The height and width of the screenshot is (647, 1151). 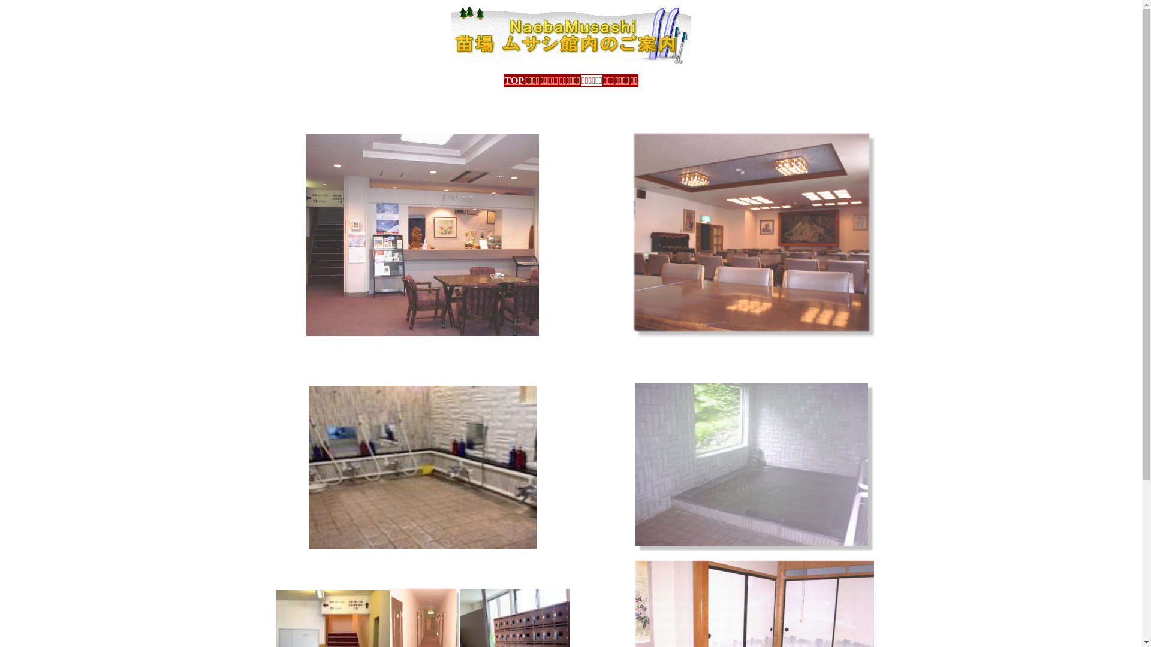 I want to click on 'TOP', so click(x=514, y=80).